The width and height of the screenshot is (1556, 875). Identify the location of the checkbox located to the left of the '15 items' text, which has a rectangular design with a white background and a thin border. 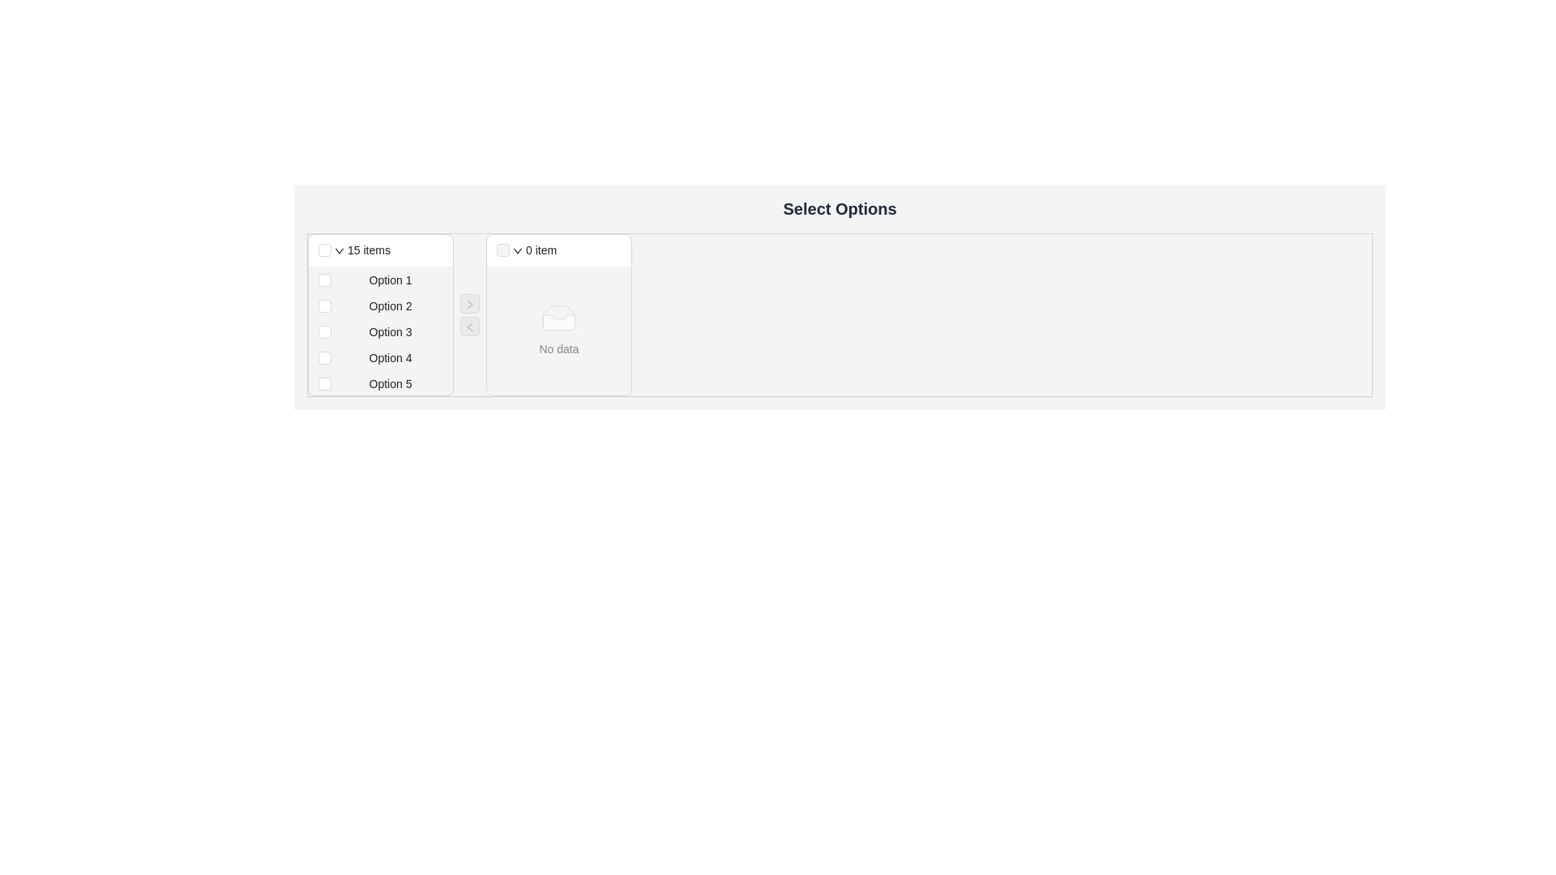
(324, 250).